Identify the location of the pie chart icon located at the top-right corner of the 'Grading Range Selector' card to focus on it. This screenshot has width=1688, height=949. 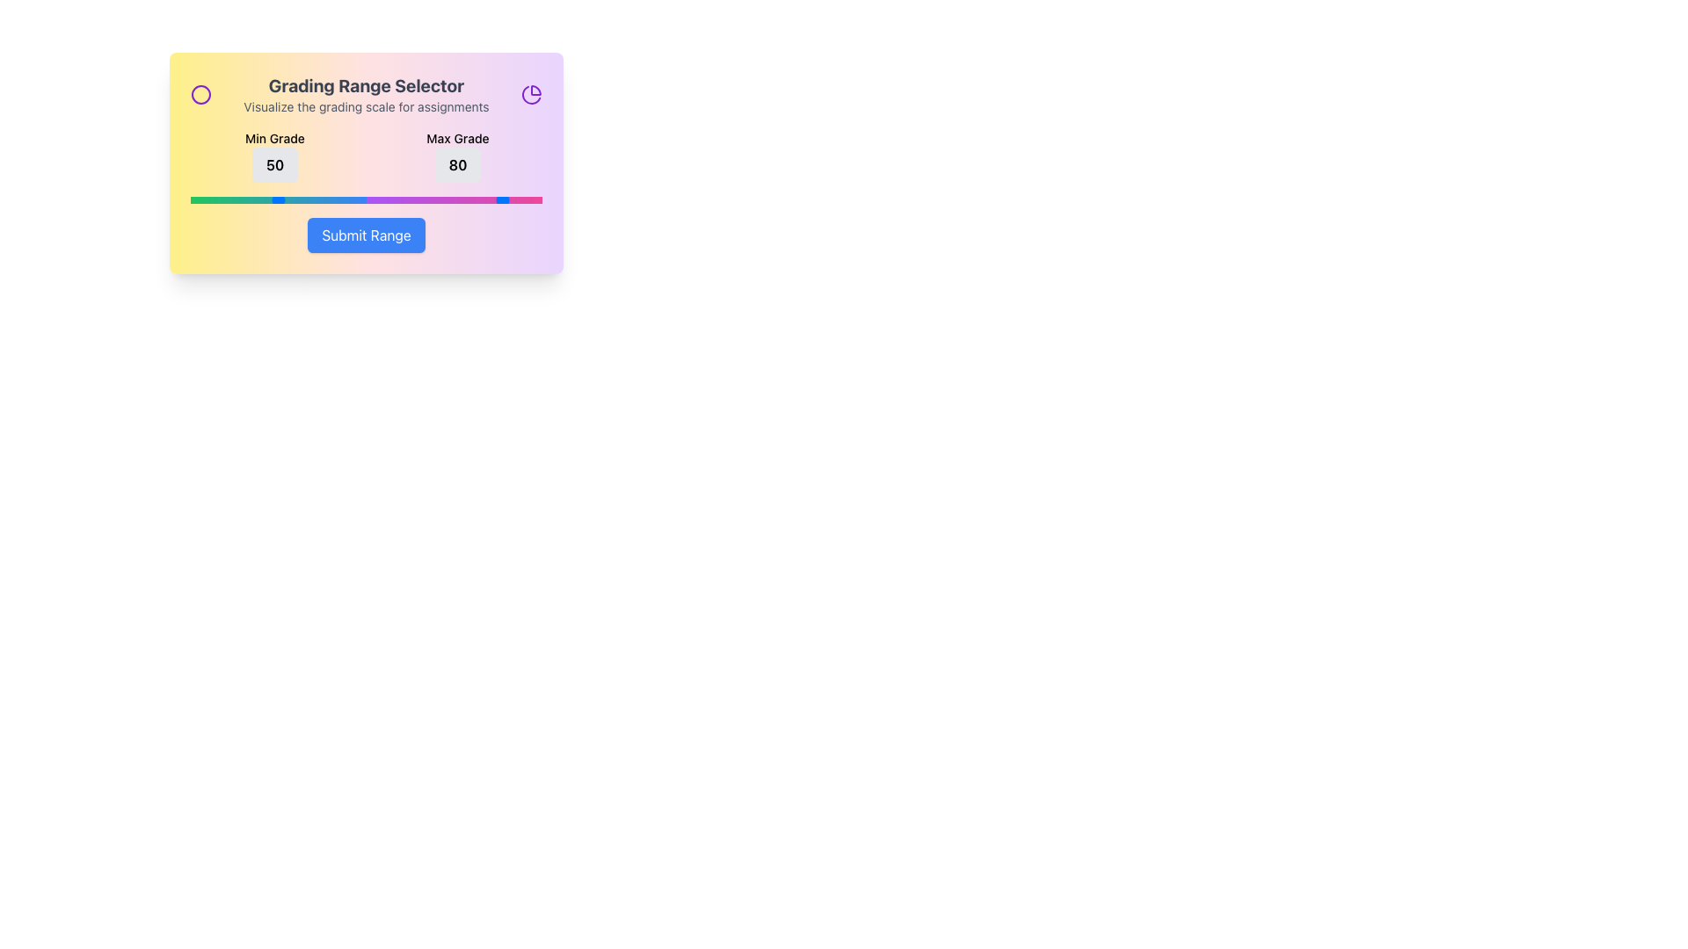
(530, 95).